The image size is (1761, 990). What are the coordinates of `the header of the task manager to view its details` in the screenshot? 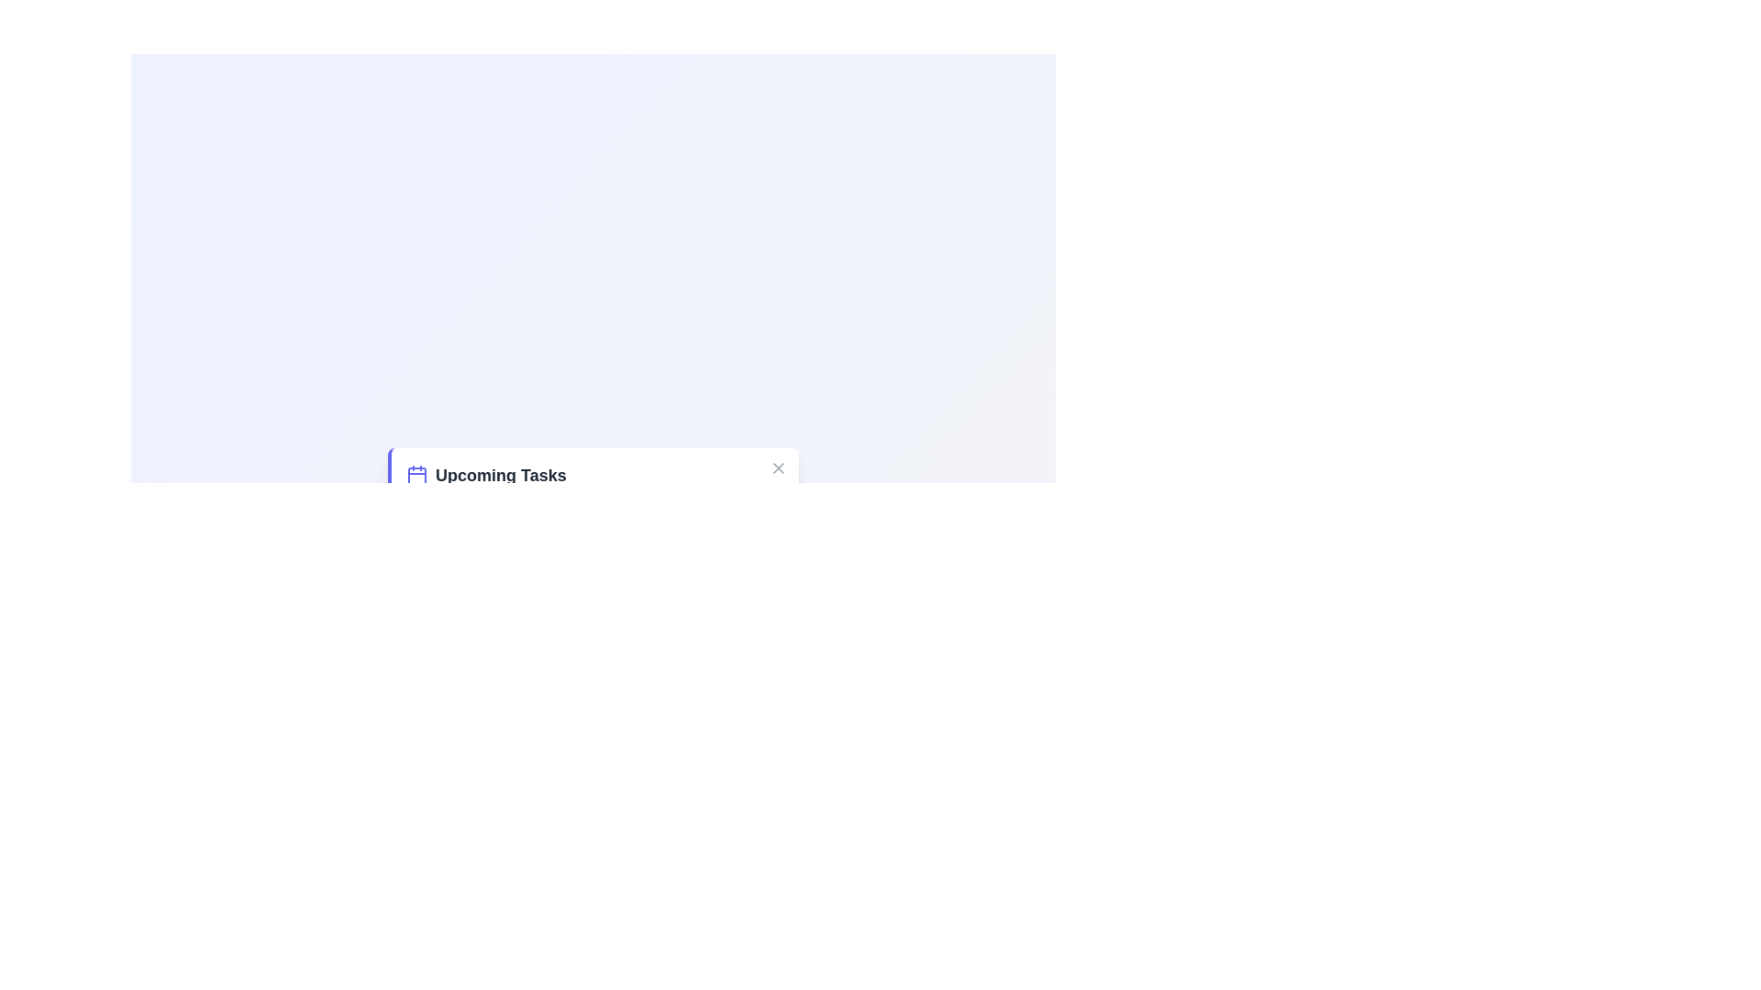 It's located at (501, 475).